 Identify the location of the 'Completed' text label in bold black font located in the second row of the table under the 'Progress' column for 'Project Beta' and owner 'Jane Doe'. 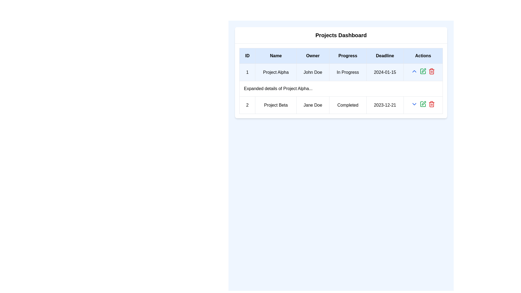
(348, 105).